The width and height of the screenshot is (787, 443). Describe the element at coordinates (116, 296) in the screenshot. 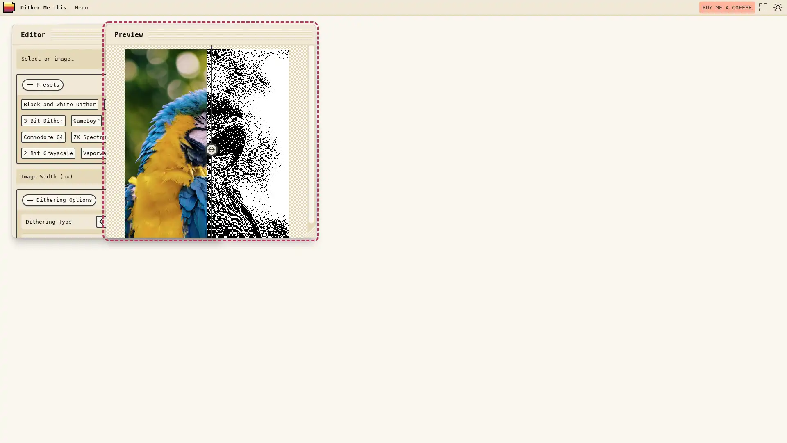

I see `DITHER` at that location.